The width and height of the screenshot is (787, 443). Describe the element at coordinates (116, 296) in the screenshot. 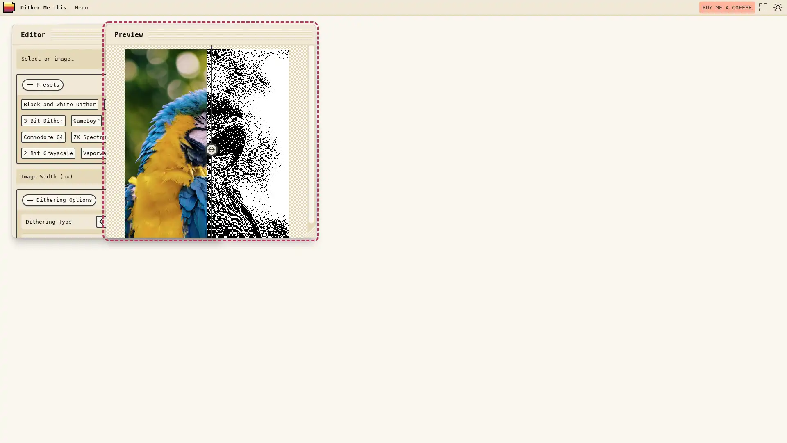

I see `DITHER` at that location.